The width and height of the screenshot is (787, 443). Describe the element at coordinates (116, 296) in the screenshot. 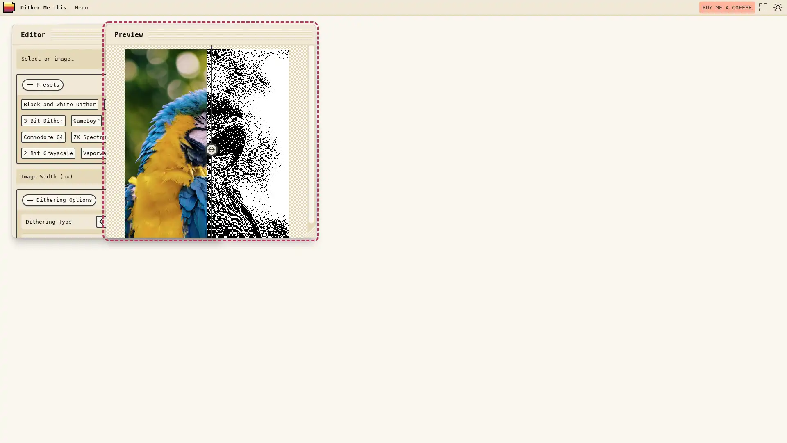

I see `DITHER` at that location.